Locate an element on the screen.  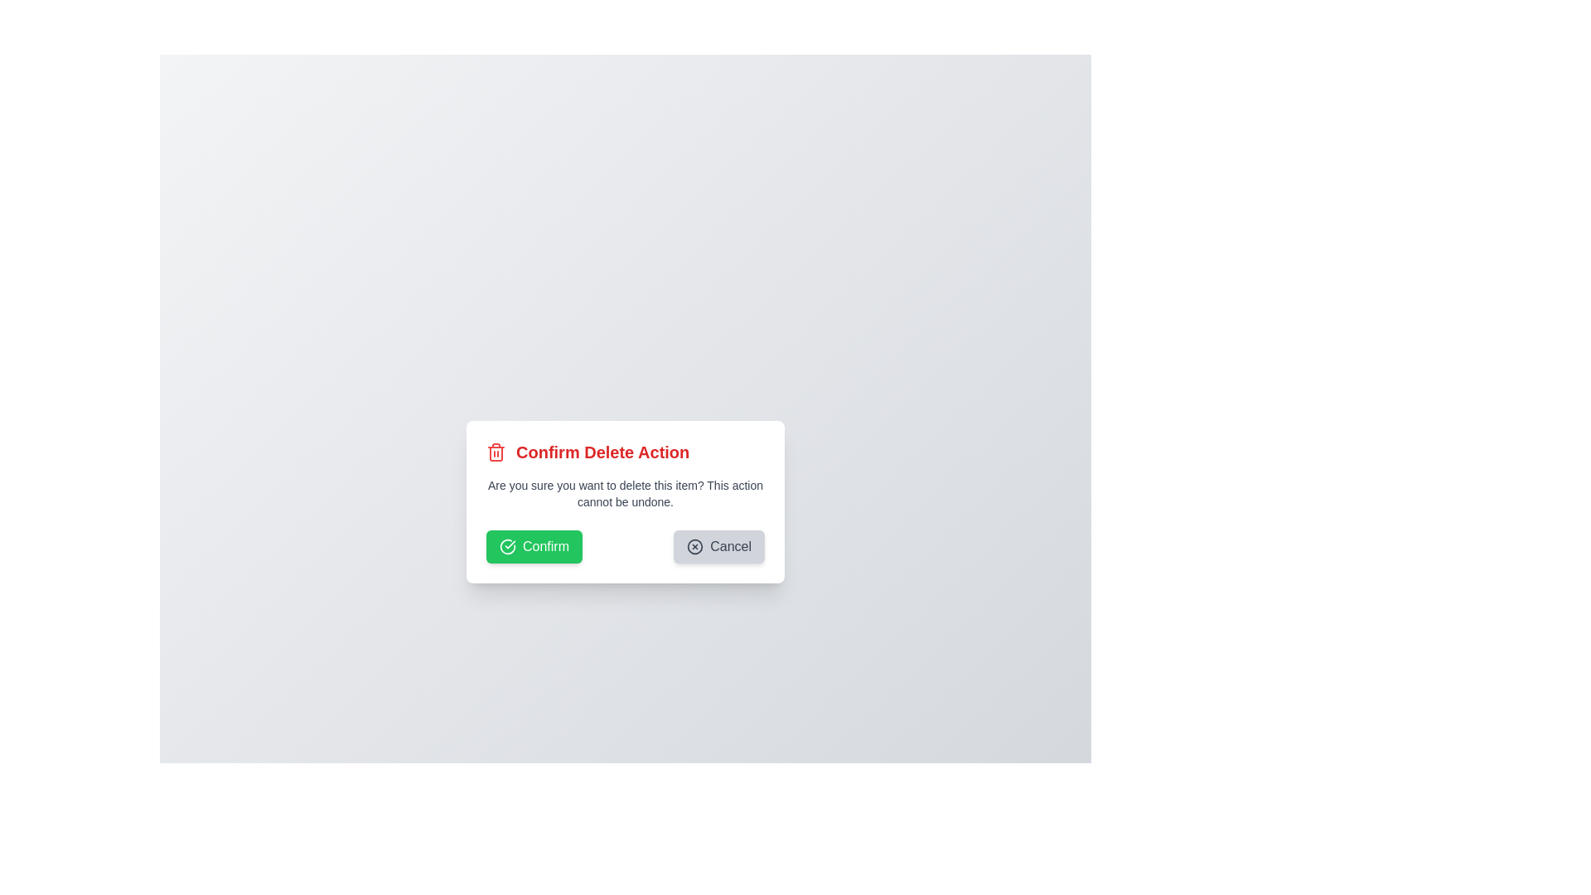
the static information display element (header with text and icon) located at the top section of the modal dialog, which serves as the title for the confirmation action is located at coordinates (624, 452).